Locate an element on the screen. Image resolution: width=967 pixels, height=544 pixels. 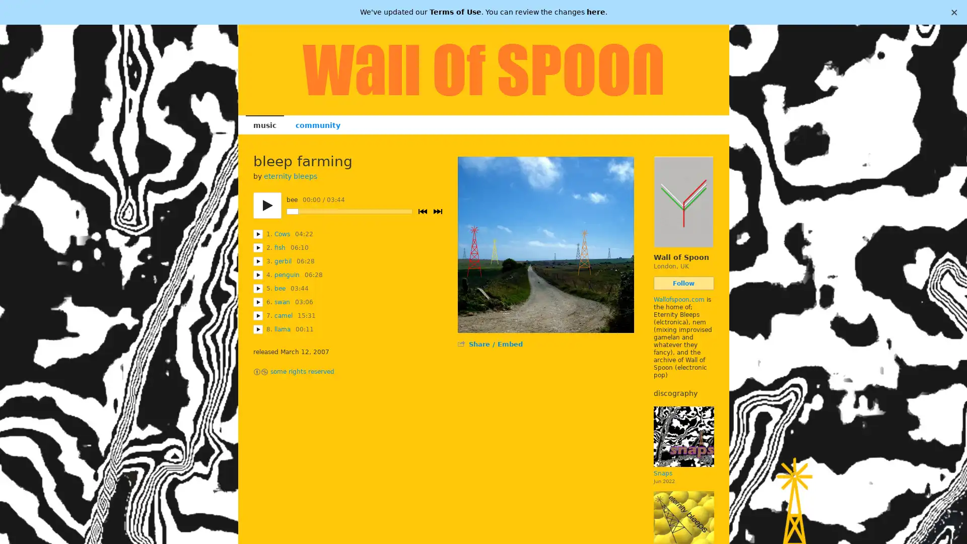
Play fish is located at coordinates (257, 248).